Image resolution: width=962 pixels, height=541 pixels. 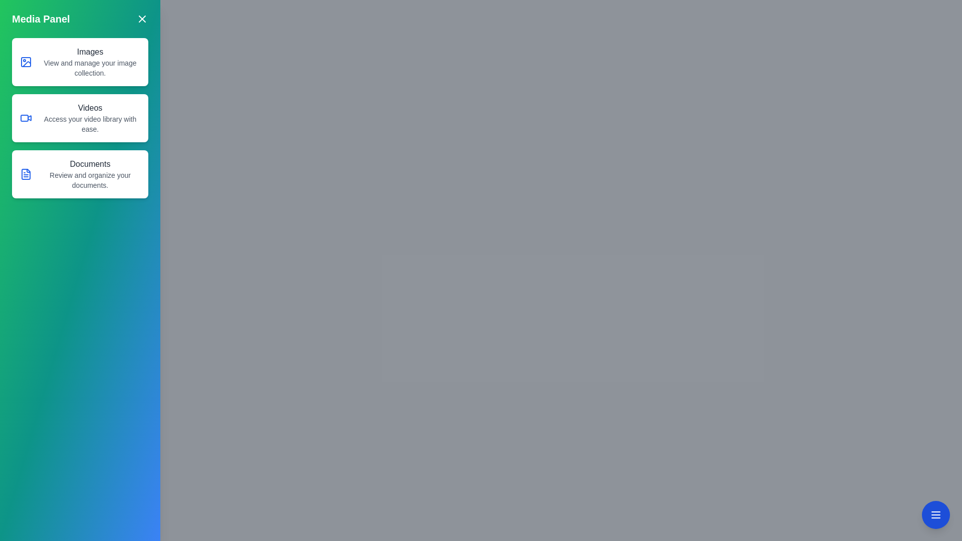 I want to click on the menu toggle button located at the bottom-right corner of the viewport, so click(x=935, y=515).